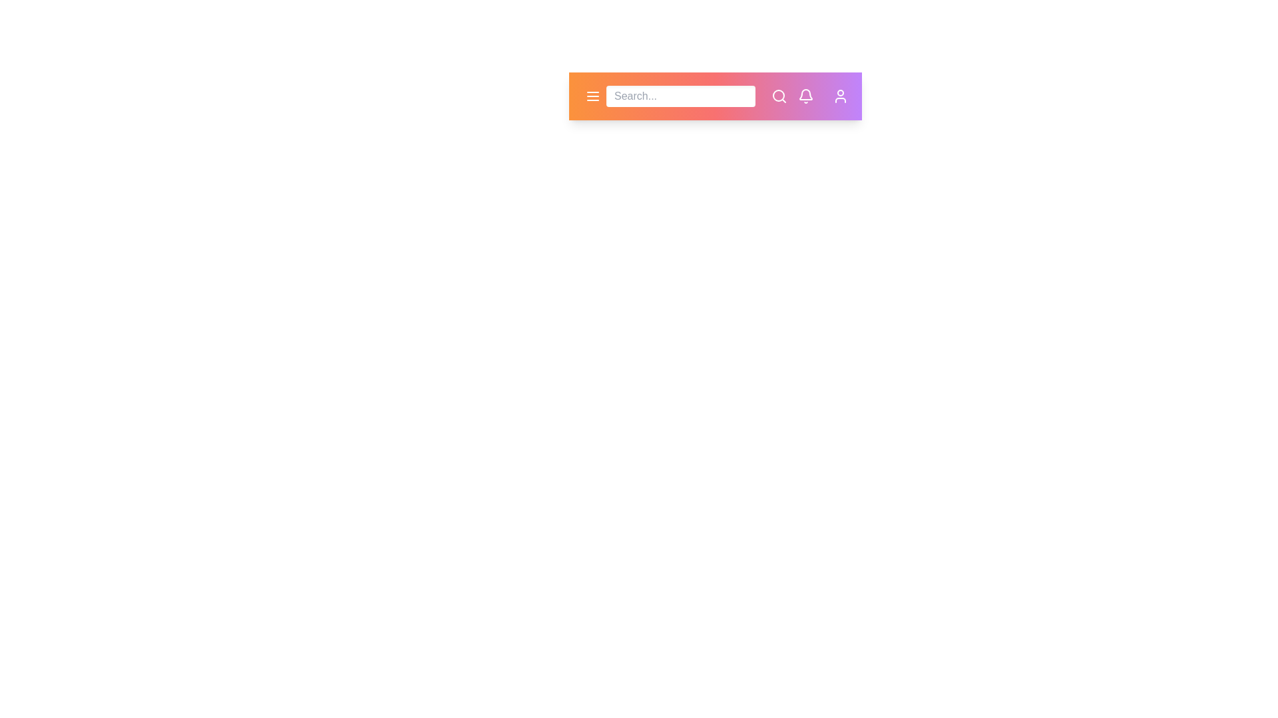  What do you see at coordinates (805, 96) in the screenshot?
I see `the notification bell icon` at bounding box center [805, 96].